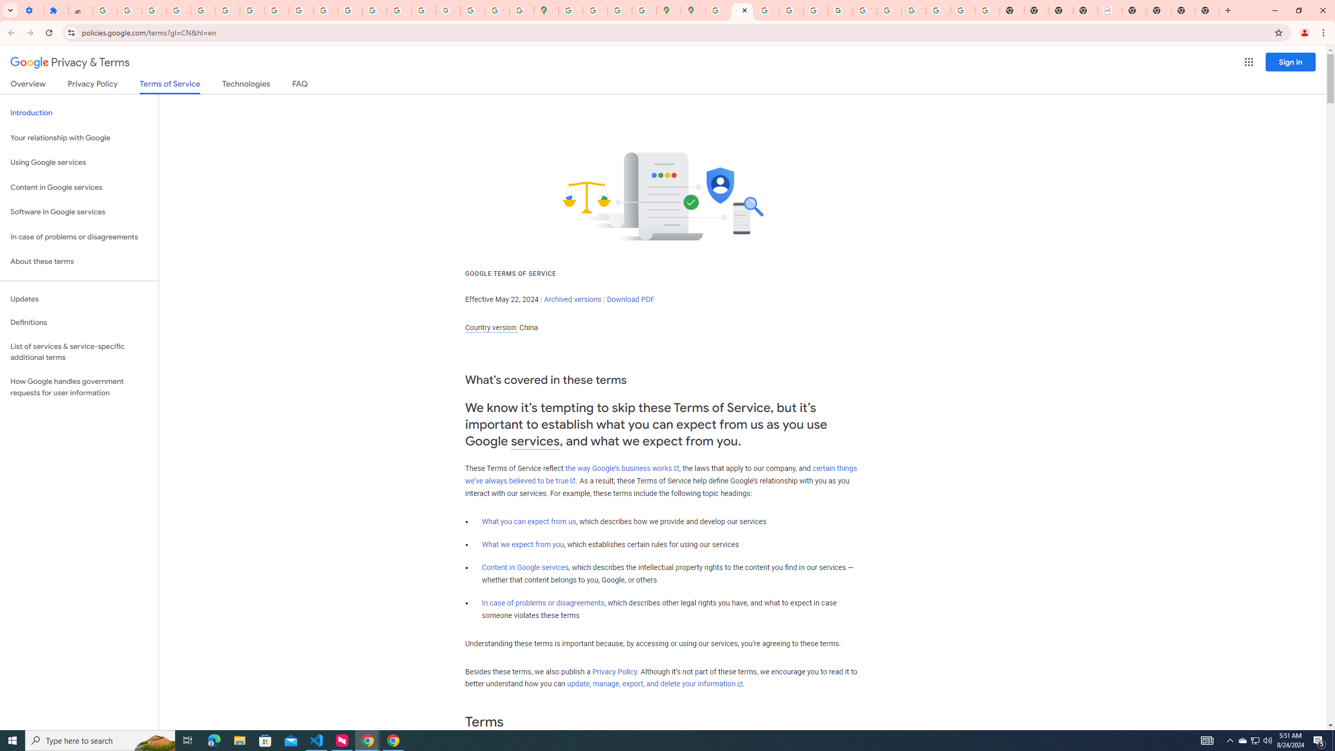  Describe the element at coordinates (31, 10) in the screenshot. I see `'Settings - On startup'` at that location.